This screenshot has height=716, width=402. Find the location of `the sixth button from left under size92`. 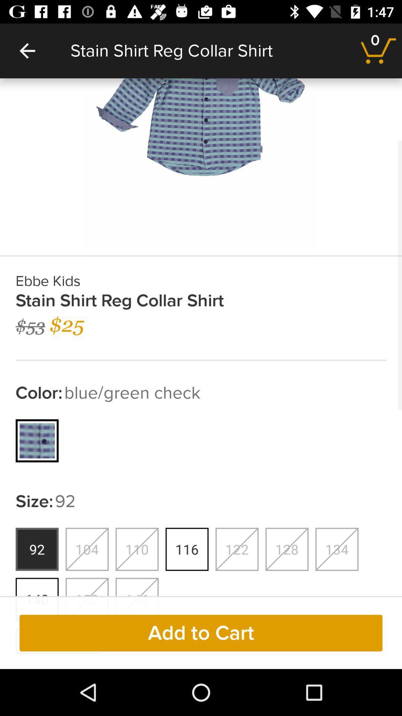

the sixth button from left under size92 is located at coordinates (287, 549).